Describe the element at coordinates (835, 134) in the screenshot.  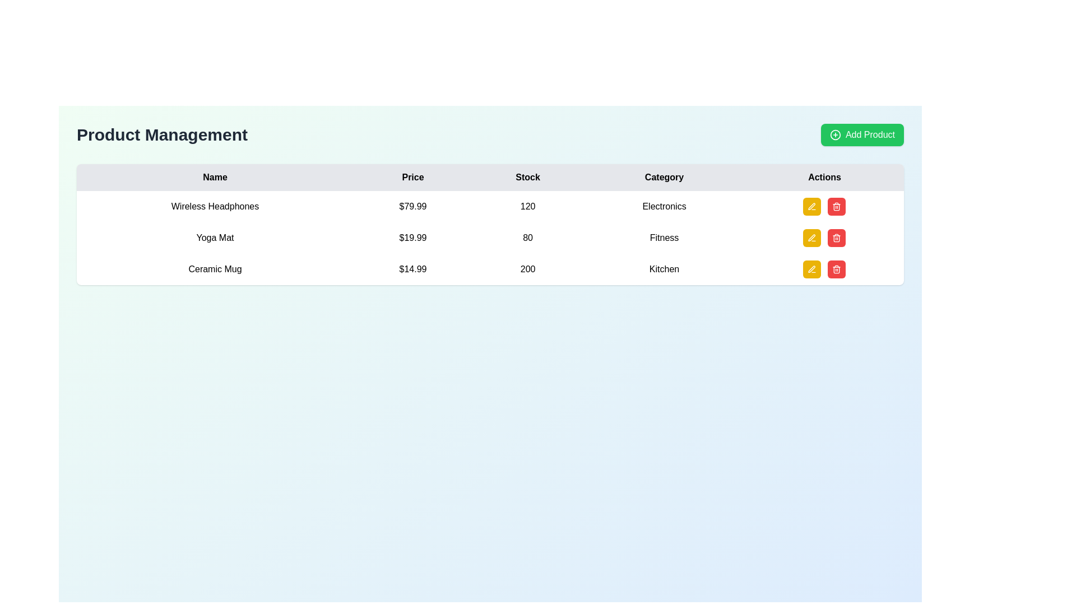
I see `the decorative SVG circle element located in the central section of the 'Add Product' button, specifically part of the left-hand graphical icon` at that location.